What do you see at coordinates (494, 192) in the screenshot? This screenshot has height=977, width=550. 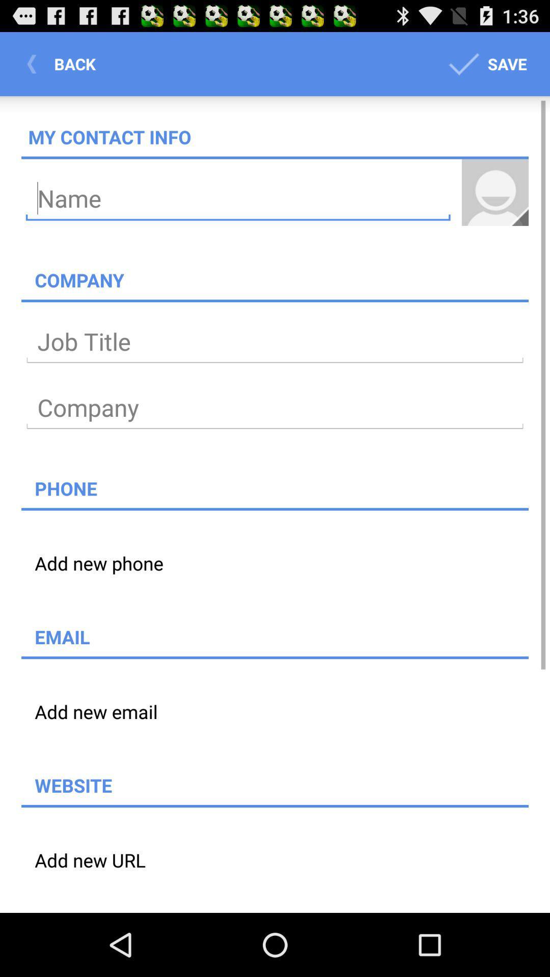 I see `profile` at bounding box center [494, 192].